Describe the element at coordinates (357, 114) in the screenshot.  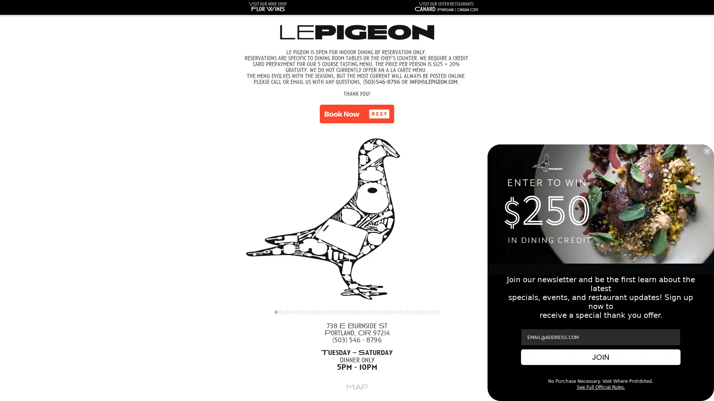
I see `Resy - Book Now` at that location.